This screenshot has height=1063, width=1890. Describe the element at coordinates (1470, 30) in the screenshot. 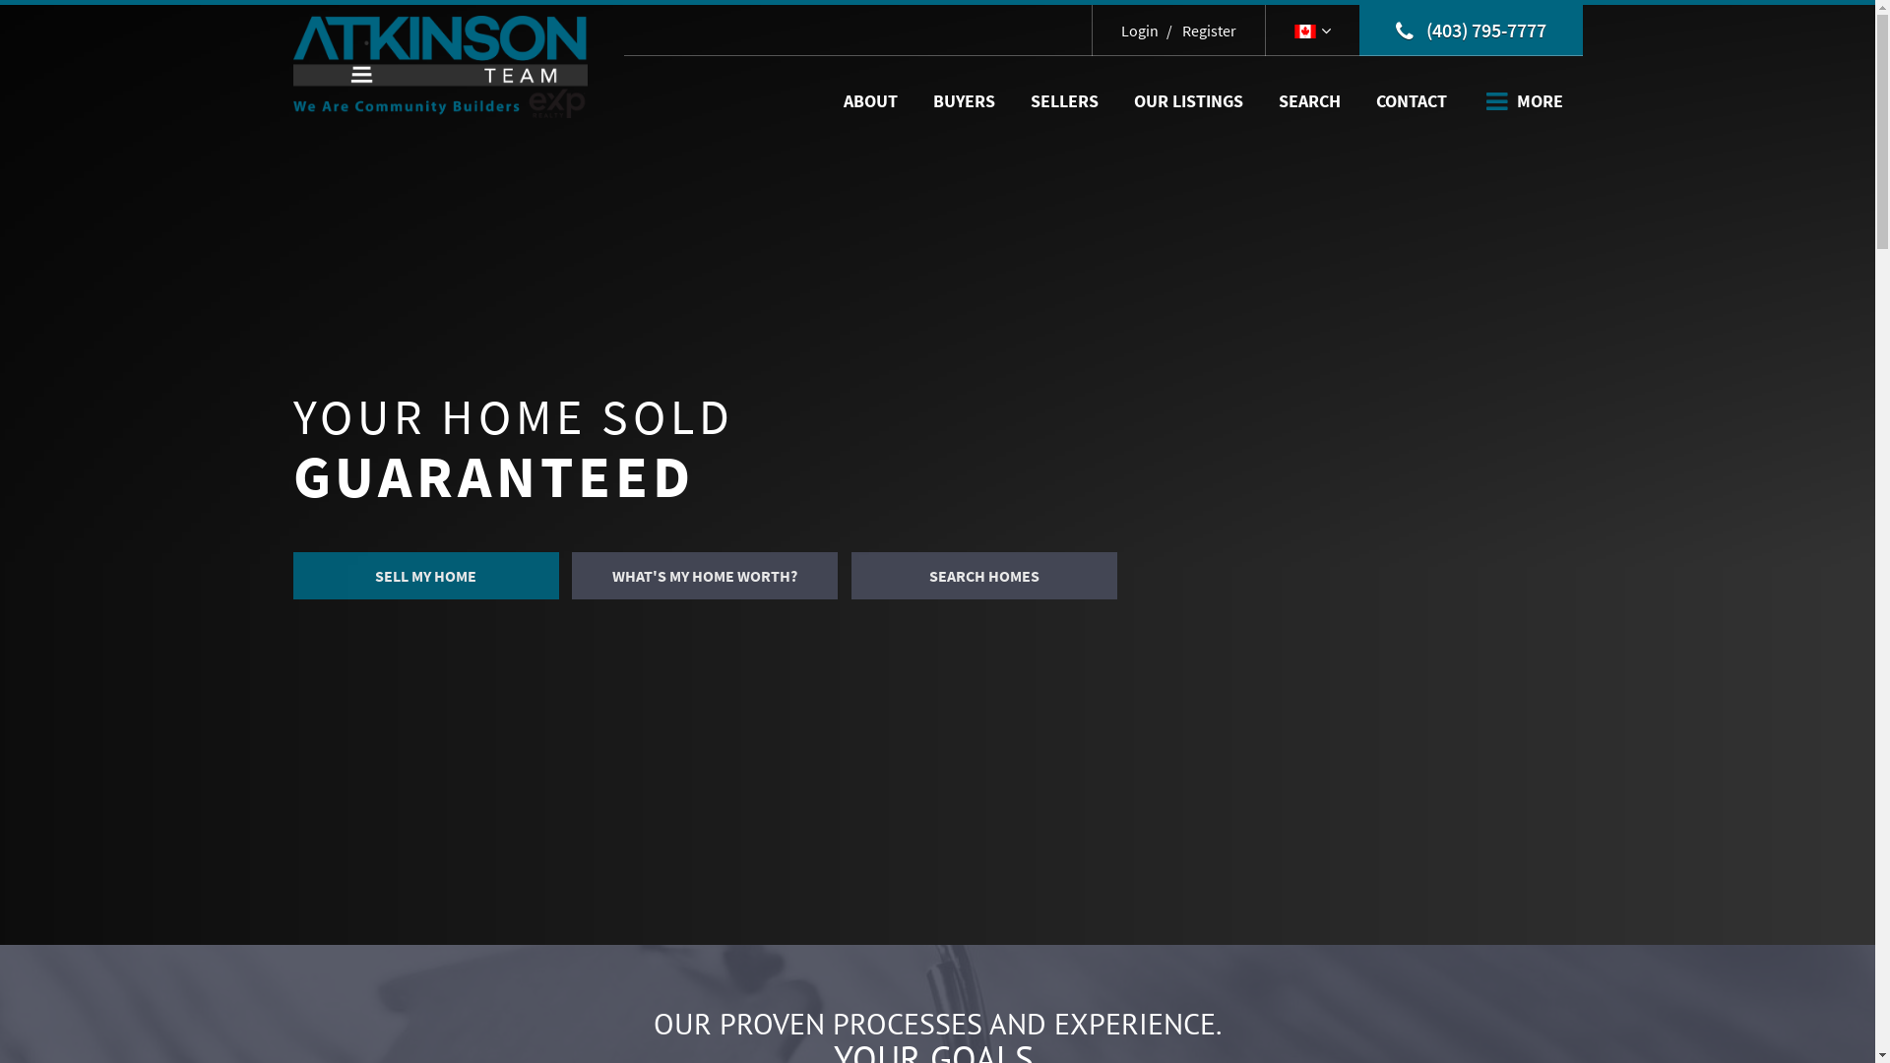

I see `'(403) 795-7777'` at that location.